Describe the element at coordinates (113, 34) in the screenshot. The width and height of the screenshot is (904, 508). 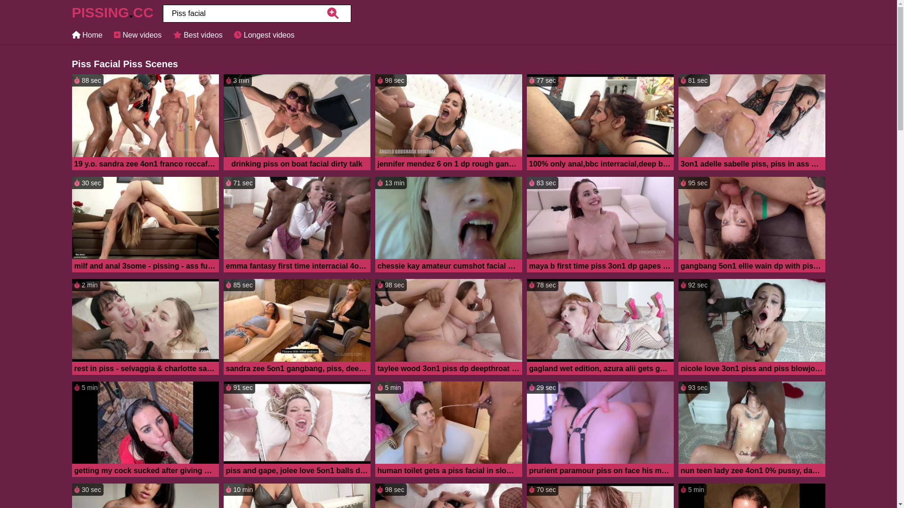
I see `'New videos'` at that location.